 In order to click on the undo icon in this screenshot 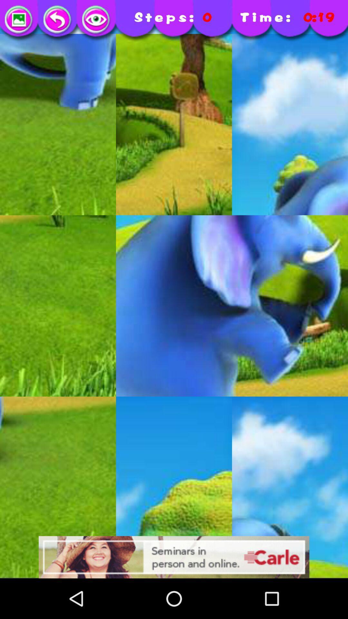, I will do `click(58, 20)`.